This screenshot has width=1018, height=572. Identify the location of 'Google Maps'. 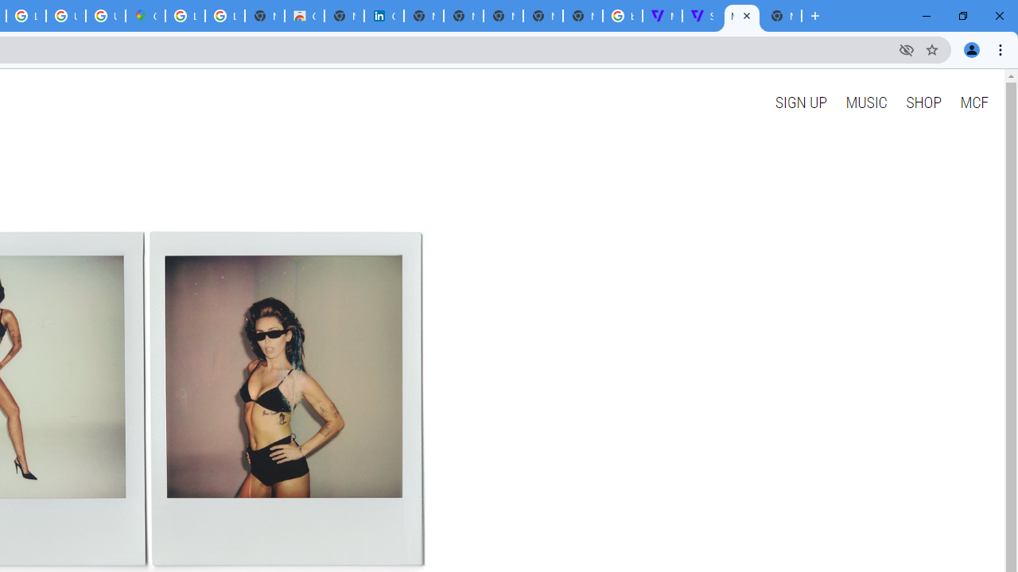
(146, 16).